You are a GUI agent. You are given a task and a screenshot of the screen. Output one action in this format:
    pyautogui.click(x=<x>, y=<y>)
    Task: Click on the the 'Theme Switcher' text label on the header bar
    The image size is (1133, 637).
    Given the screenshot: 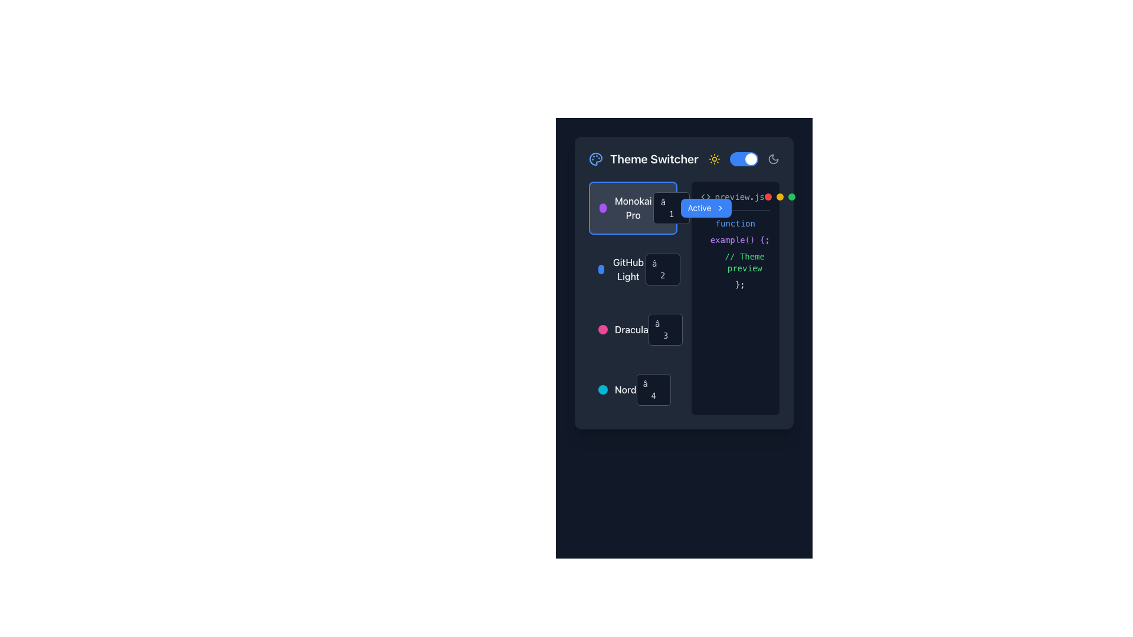 What is the action you would take?
    pyautogui.click(x=684, y=159)
    